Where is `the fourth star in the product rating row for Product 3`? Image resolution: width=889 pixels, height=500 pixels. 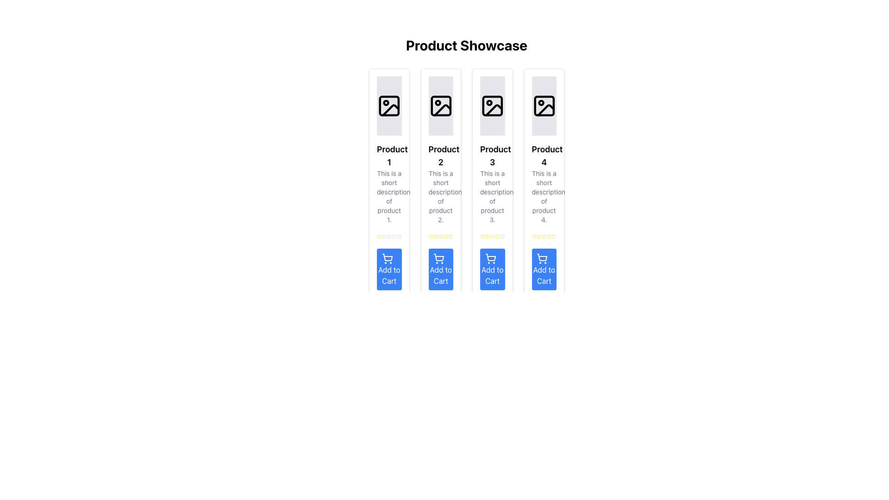 the fourth star in the product rating row for Product 3 is located at coordinates (492, 236).